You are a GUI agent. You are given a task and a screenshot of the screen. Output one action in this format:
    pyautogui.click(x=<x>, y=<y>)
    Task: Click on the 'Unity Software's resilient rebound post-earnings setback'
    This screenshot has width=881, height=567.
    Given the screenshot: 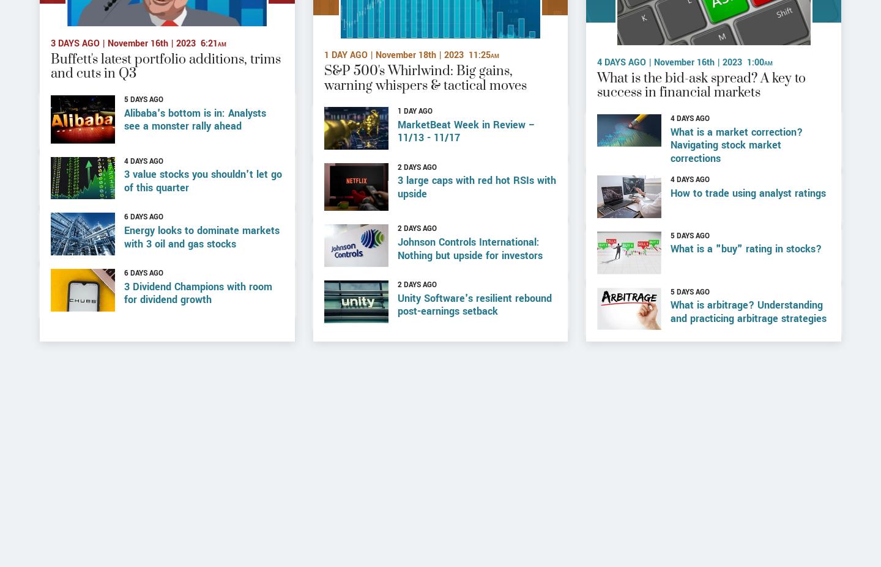 What is the action you would take?
    pyautogui.click(x=474, y=343)
    